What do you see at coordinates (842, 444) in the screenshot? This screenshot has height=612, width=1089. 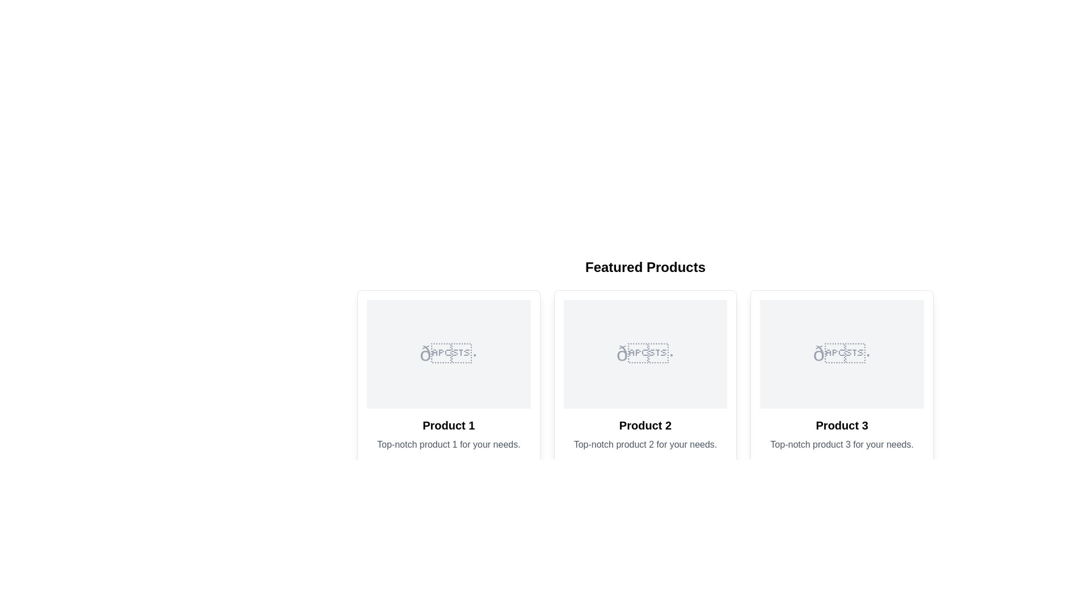 I see `textual label displaying 'Top-notch product 3 for your needs.' which is located under 'Product 3' in the third product card` at bounding box center [842, 444].